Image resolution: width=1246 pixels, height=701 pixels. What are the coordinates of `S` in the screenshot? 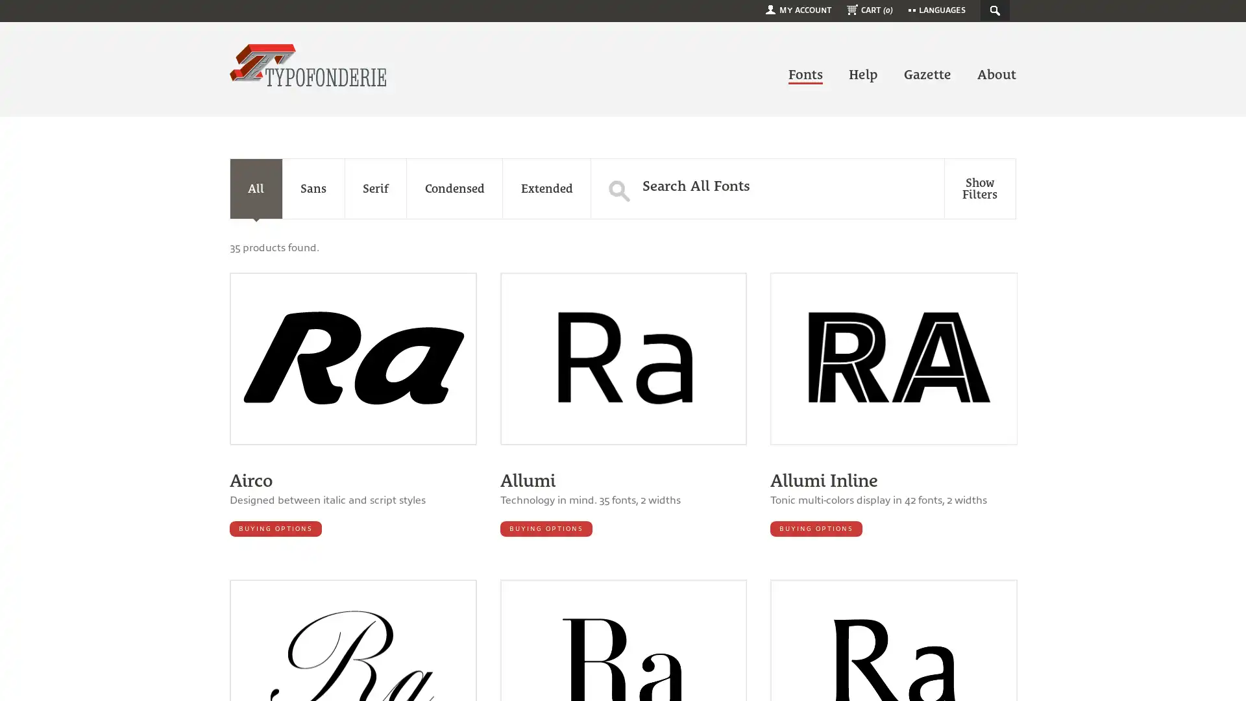 It's located at (618, 190).